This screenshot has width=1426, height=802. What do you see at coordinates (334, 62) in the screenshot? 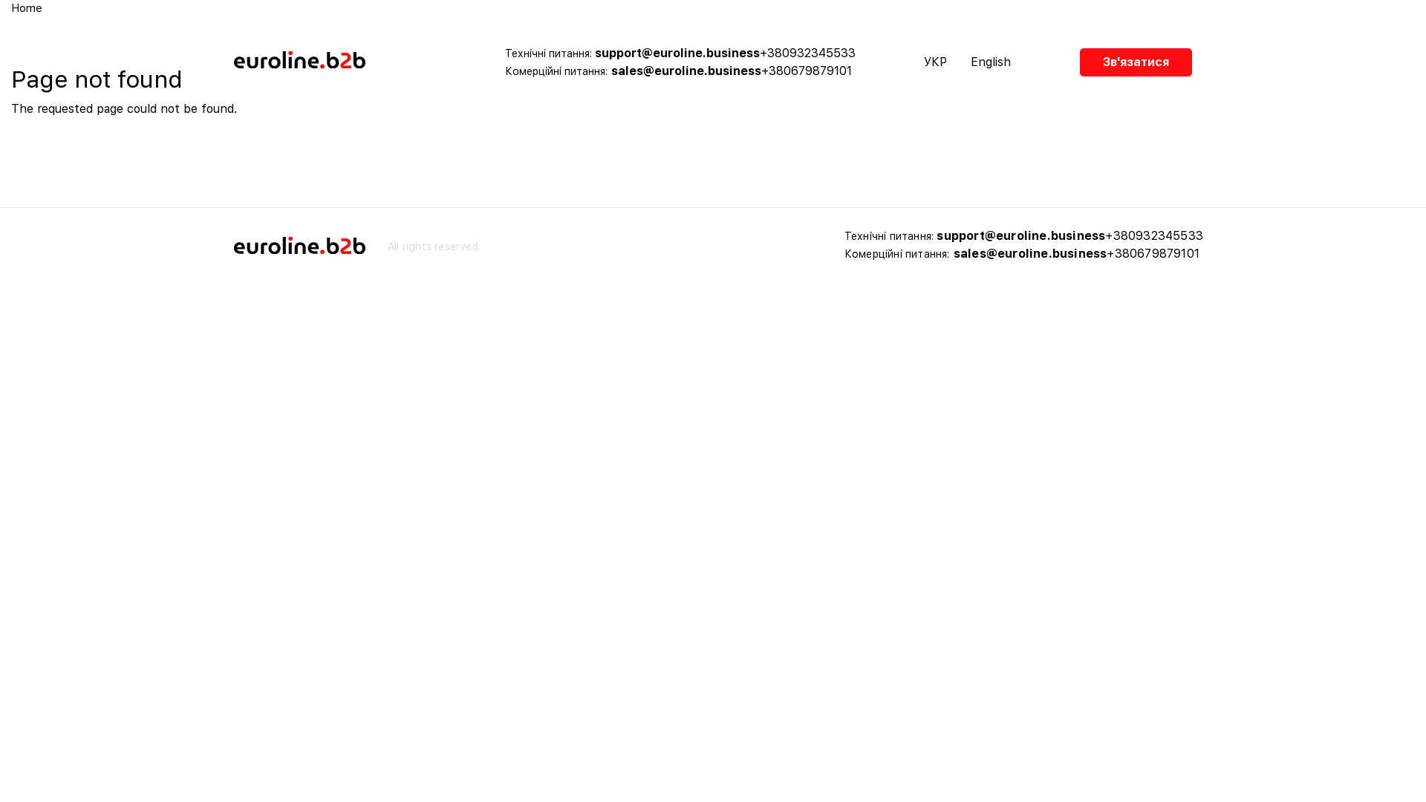
I see `'Home'` at bounding box center [334, 62].